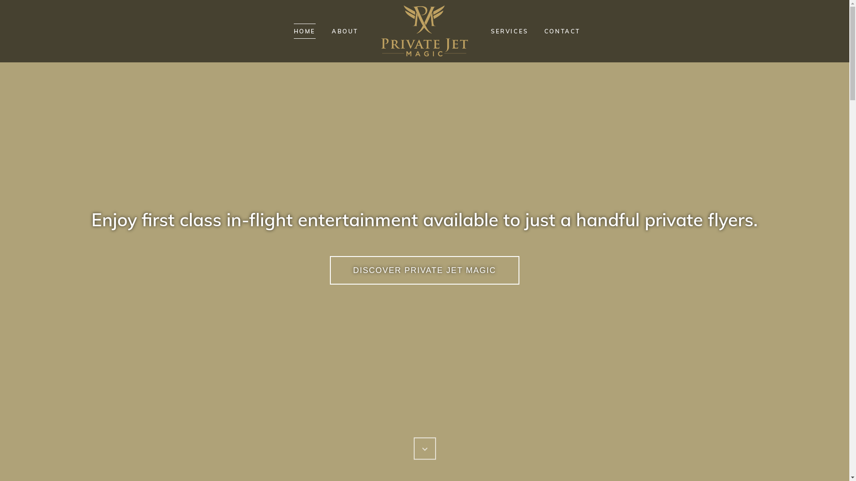 This screenshot has height=481, width=856. Describe the element at coordinates (424, 269) in the screenshot. I see `'DISCOVER PRIVATE JET MAGIC'` at that location.